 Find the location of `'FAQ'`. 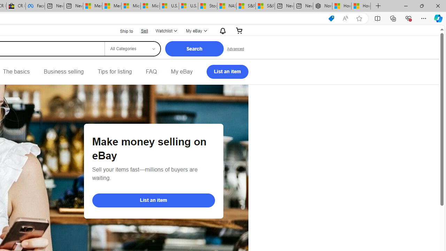

'FAQ' is located at coordinates (151, 71).